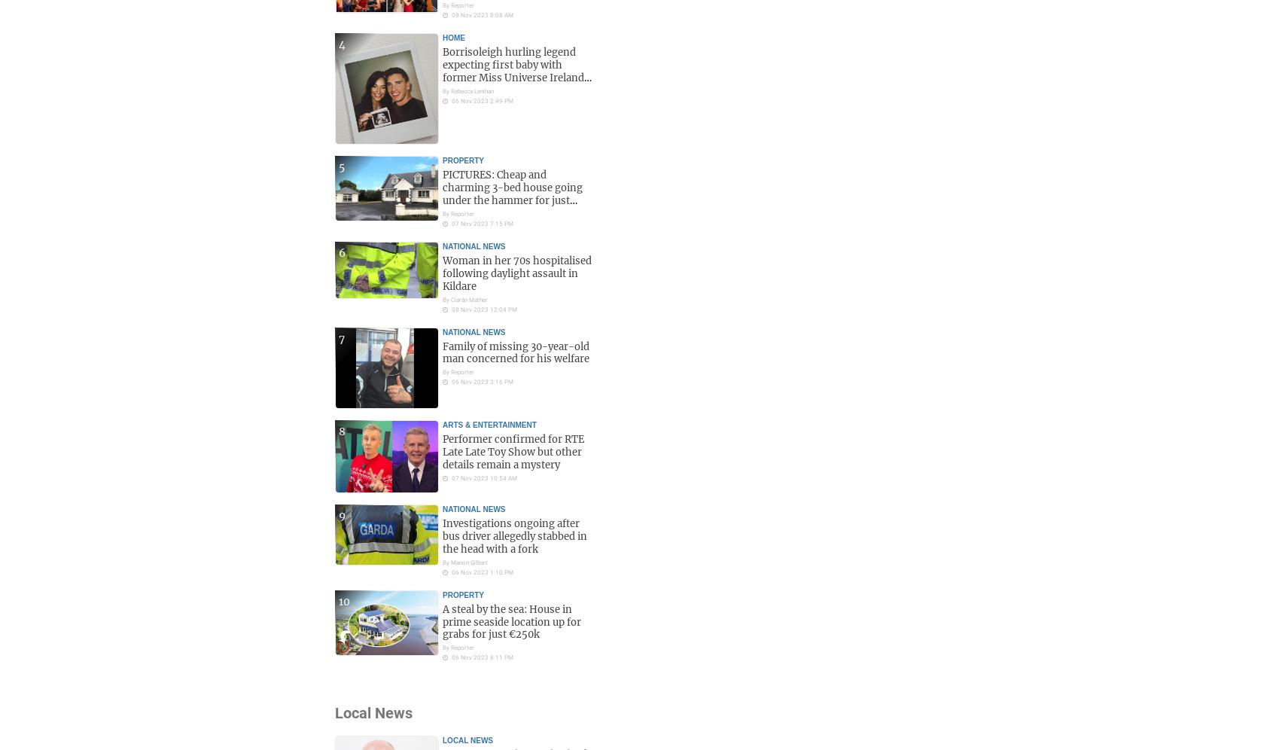 This screenshot has height=750, width=1276. I want to click on 'Borrisoleigh hurling legend expecting first baby with former Miss Universe Ireland partner', so click(513, 71).